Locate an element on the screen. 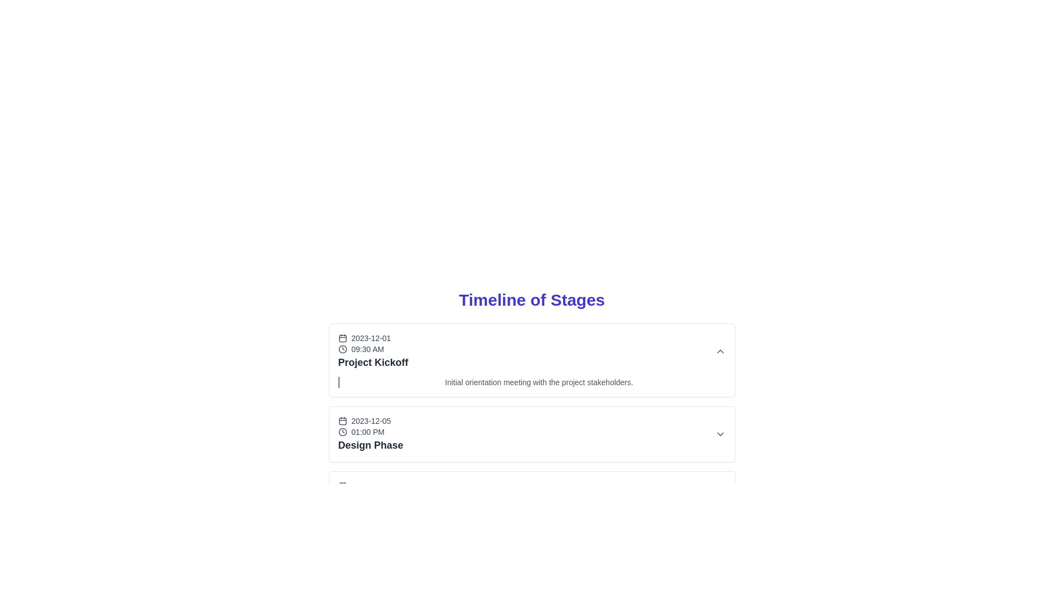  the text label that provides additional details about the project kickoff event, describing it as an 'Initial orientation meeting with the project stakeholders.' is located at coordinates (532, 382).